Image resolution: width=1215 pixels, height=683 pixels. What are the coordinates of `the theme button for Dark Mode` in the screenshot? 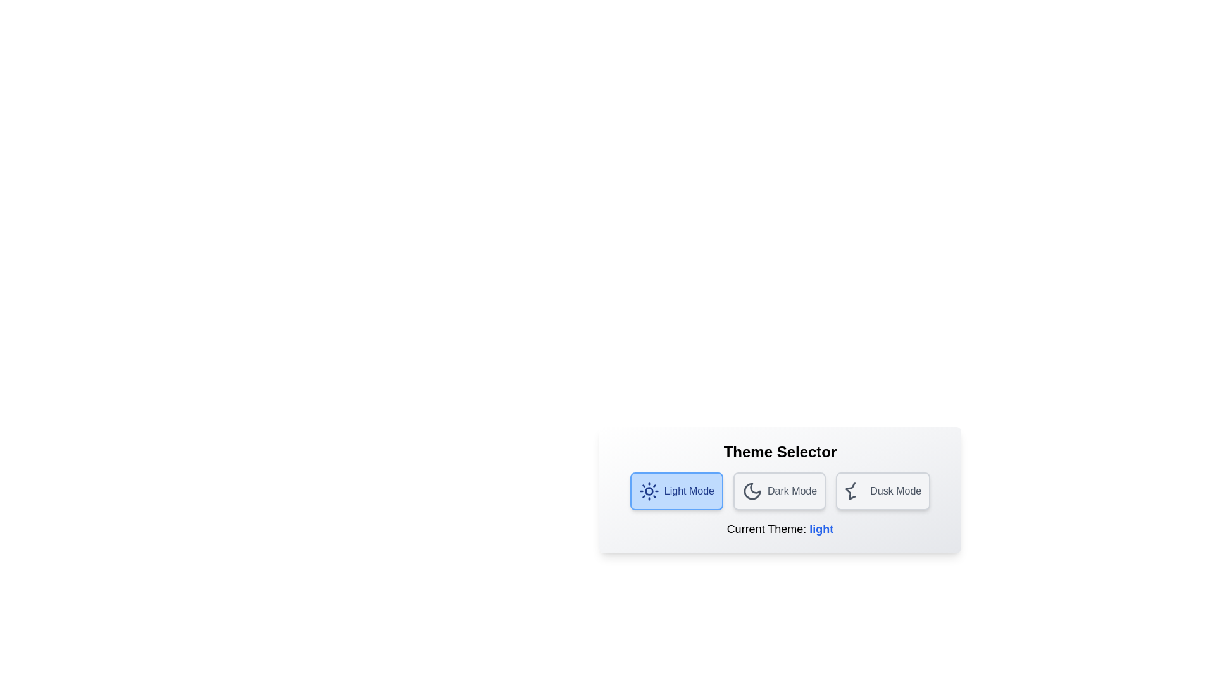 It's located at (779, 490).